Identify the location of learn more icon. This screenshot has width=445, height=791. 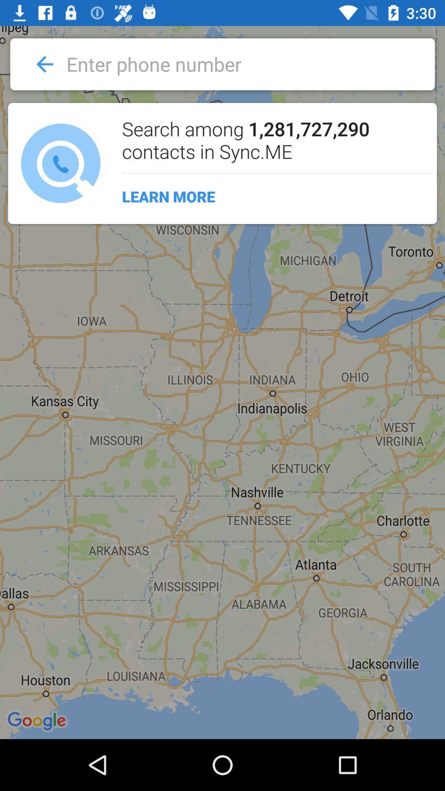
(273, 196).